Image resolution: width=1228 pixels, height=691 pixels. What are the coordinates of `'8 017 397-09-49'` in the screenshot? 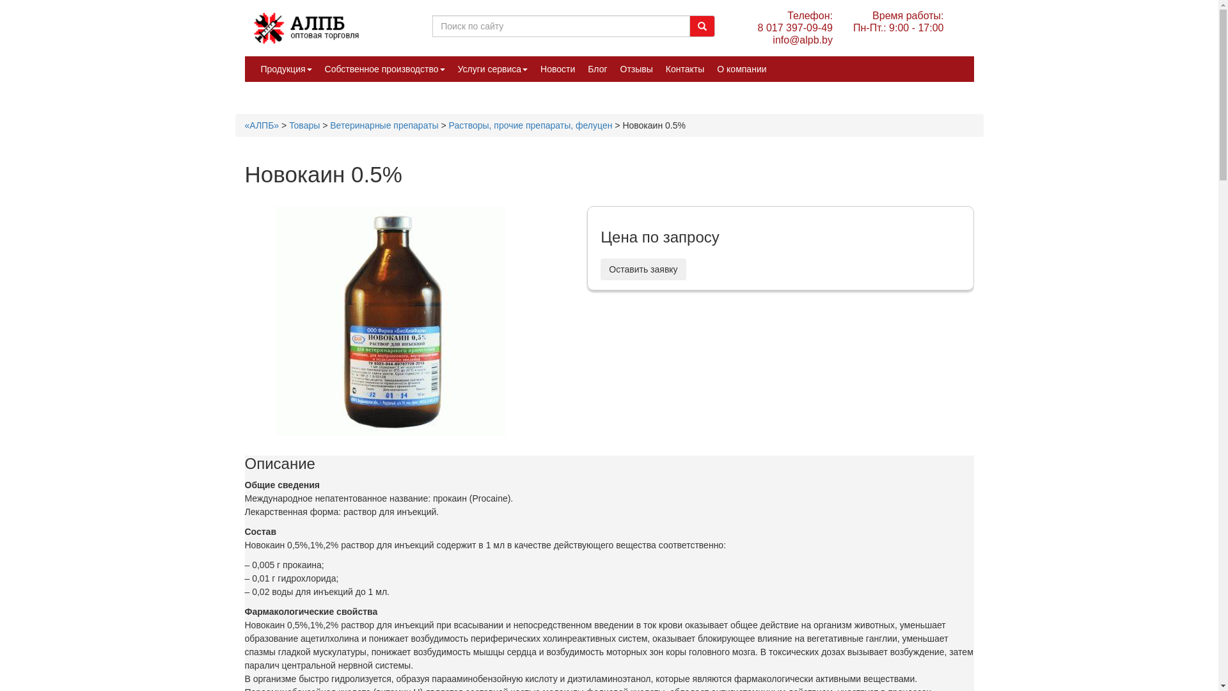 It's located at (794, 28).